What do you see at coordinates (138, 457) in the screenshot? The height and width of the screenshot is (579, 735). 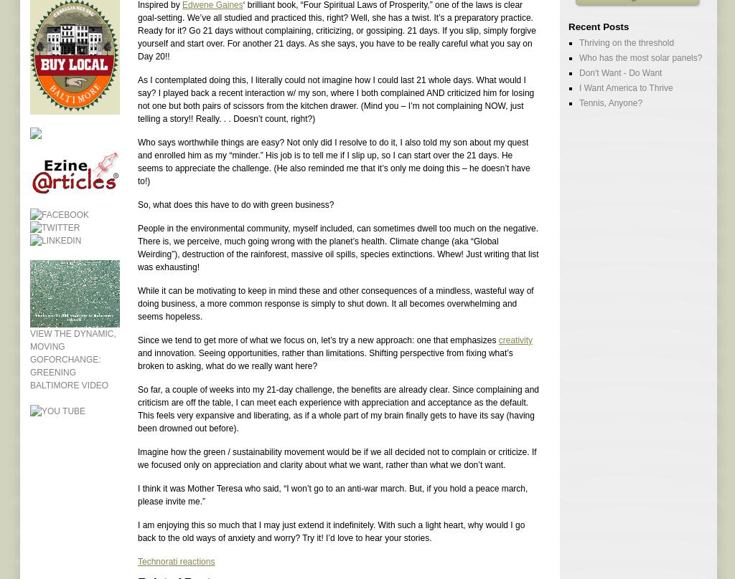 I see `'Imagine how the green / sustainability movement would be if we all decided not to complain or criticize. If we focused only on appreciation and clarity about what we want, rather than what we don’t want.'` at bounding box center [138, 457].